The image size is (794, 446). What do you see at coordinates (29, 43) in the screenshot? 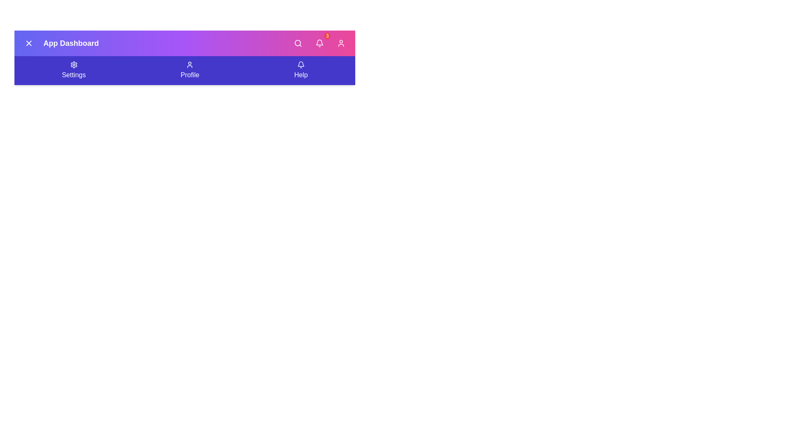
I see `the button with the menu or close icon to toggle the side menu visibility` at bounding box center [29, 43].